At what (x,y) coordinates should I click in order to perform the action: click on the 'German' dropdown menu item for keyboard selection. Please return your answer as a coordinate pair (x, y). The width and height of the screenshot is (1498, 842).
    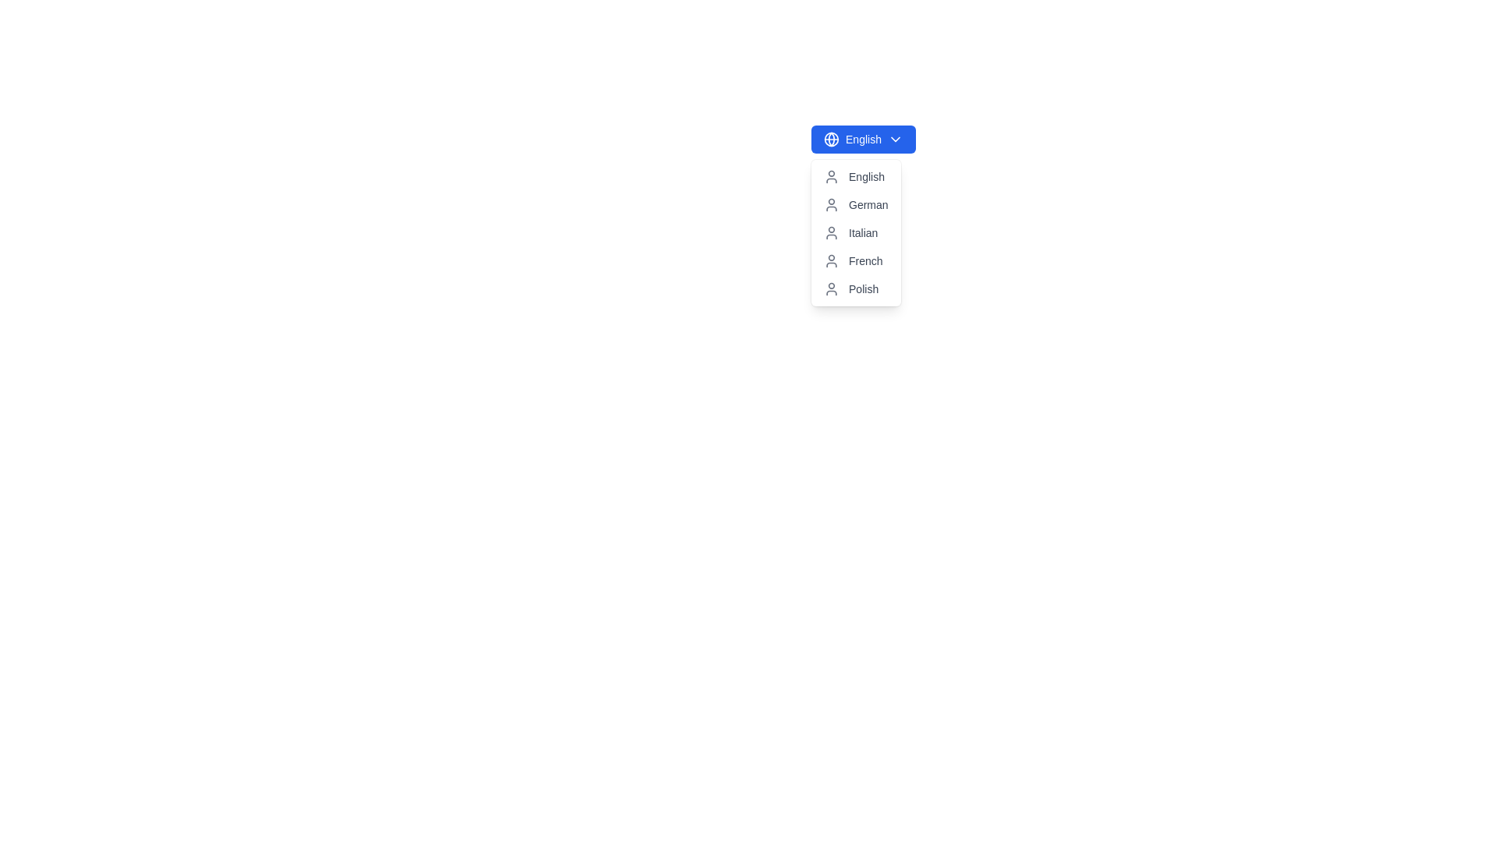
    Looking at the image, I should click on (855, 203).